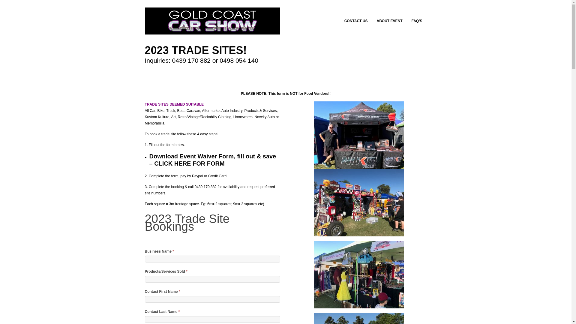 This screenshot has height=324, width=576. Describe the element at coordinates (358, 20) in the screenshot. I see `'CONTACT US'` at that location.